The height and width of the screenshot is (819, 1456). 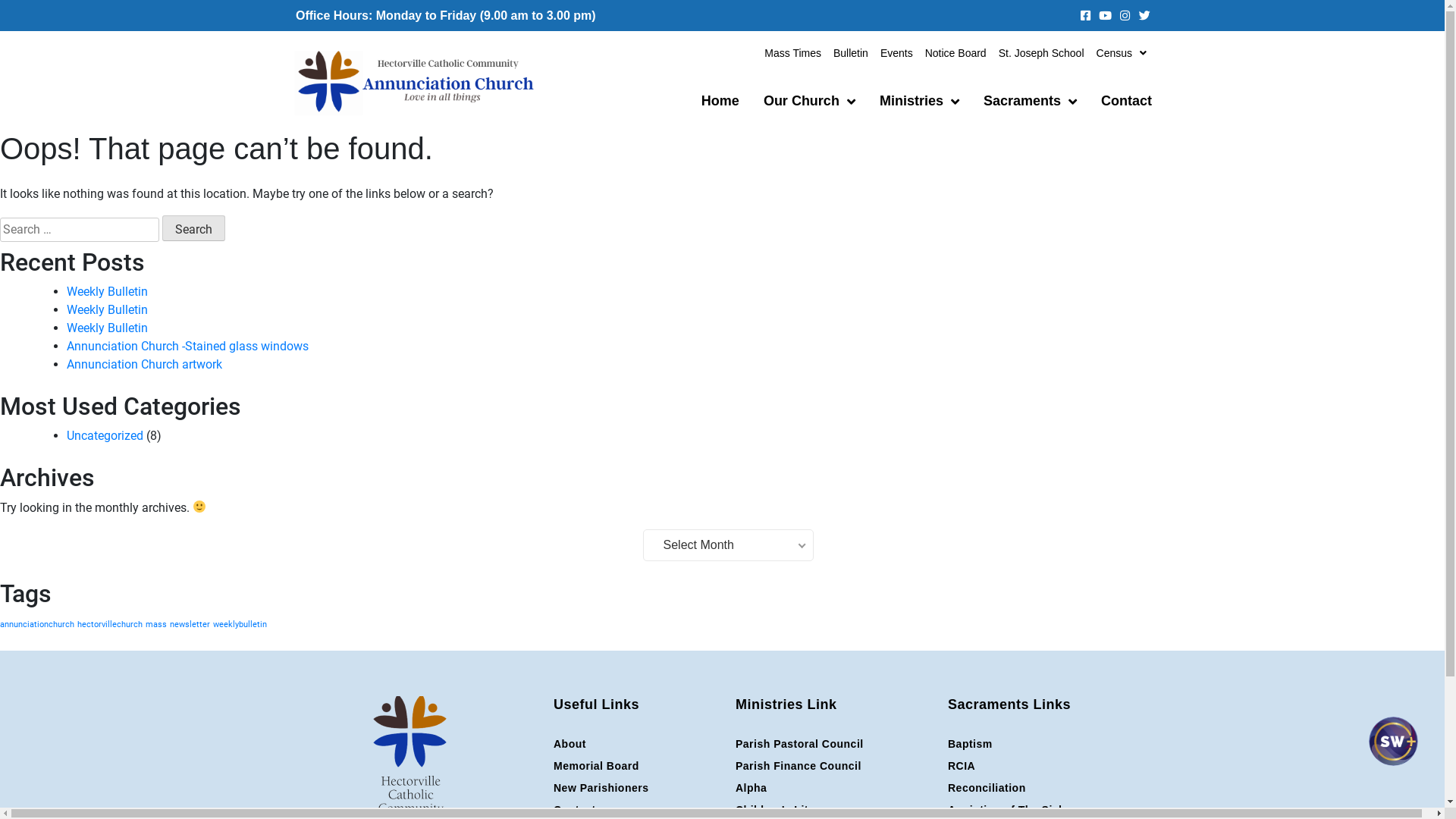 What do you see at coordinates (955, 52) in the screenshot?
I see `'Notice Board'` at bounding box center [955, 52].